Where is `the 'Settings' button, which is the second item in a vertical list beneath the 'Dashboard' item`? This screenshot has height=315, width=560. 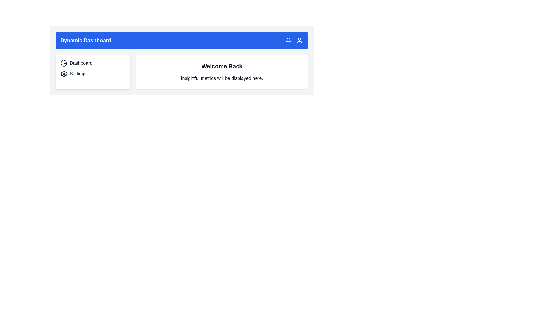 the 'Settings' button, which is the second item in a vertical list beneath the 'Dashboard' item is located at coordinates (92, 73).